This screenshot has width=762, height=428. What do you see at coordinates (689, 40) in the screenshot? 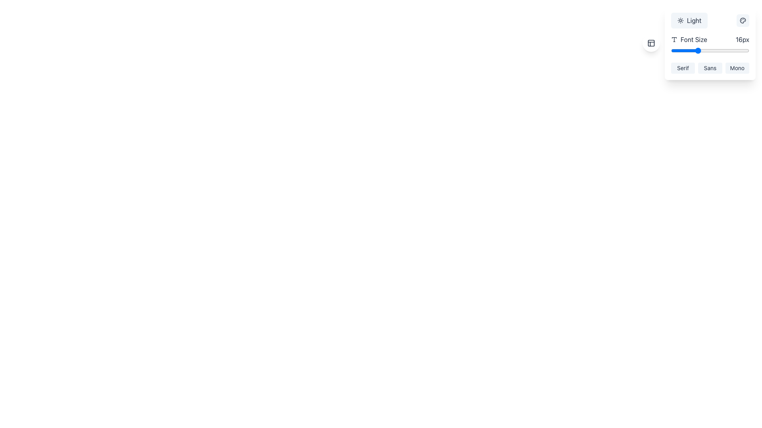
I see `the label that indicates the font size adjustment control, positioned next to the 'T' icon and before the '16px' text` at bounding box center [689, 40].